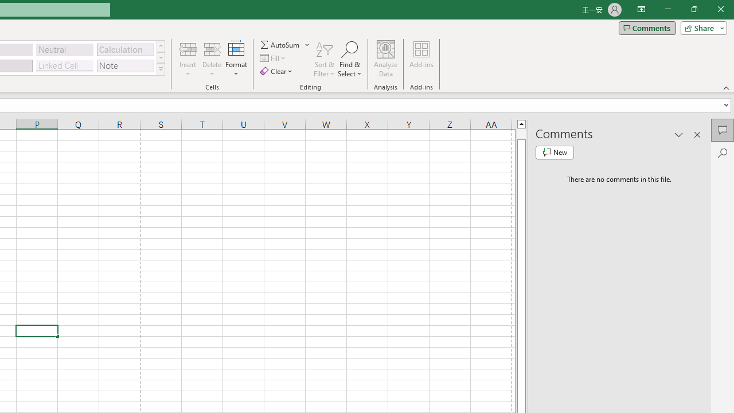  I want to click on 'New comment', so click(555, 152).